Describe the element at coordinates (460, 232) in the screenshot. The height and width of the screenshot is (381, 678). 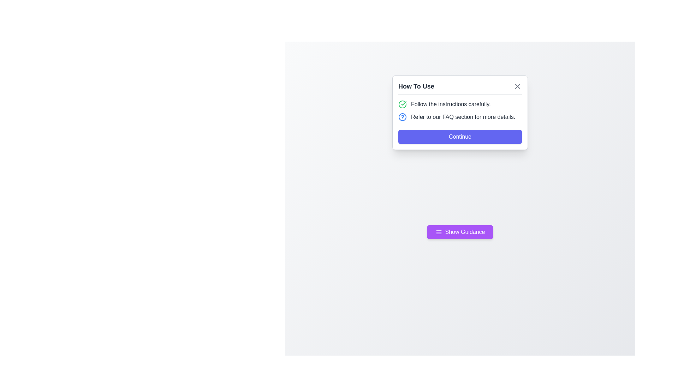
I see `the button located below the white panel containing instructional text to trigger possible visual feedback` at that location.